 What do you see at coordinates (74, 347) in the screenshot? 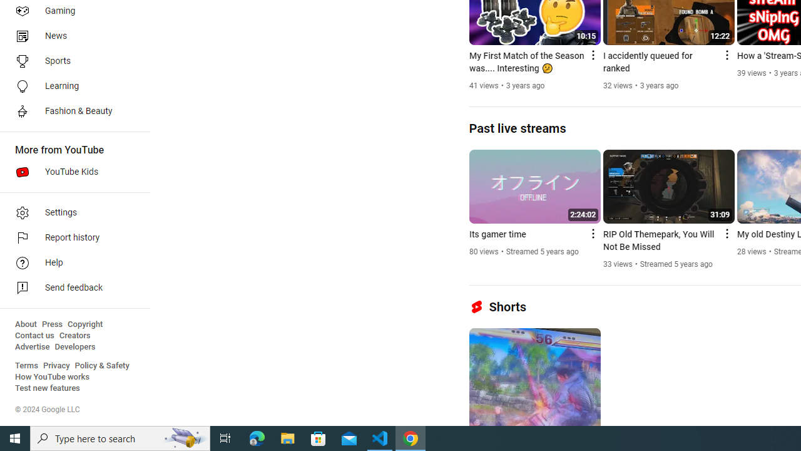
I see `'Developers'` at bounding box center [74, 347].